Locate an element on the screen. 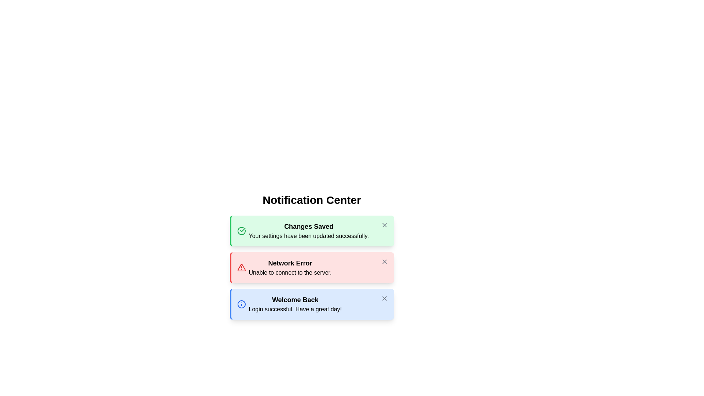 The height and width of the screenshot is (396, 704). the visual indication of the confirmation icon located in the topmost notification under the 'Notification Center' titled 'Changes Saved', positioned to the left of the notification text is located at coordinates (243, 230).